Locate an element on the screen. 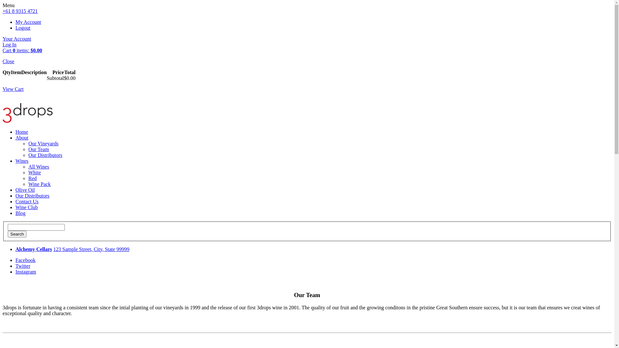 The height and width of the screenshot is (348, 619). 'Wines' is located at coordinates (15, 160).